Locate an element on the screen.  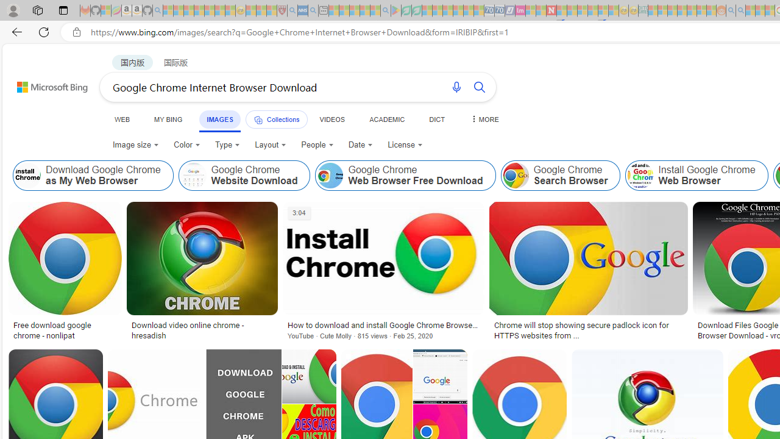
'Class: b_pri_nav_svg' is located at coordinates (257, 120).